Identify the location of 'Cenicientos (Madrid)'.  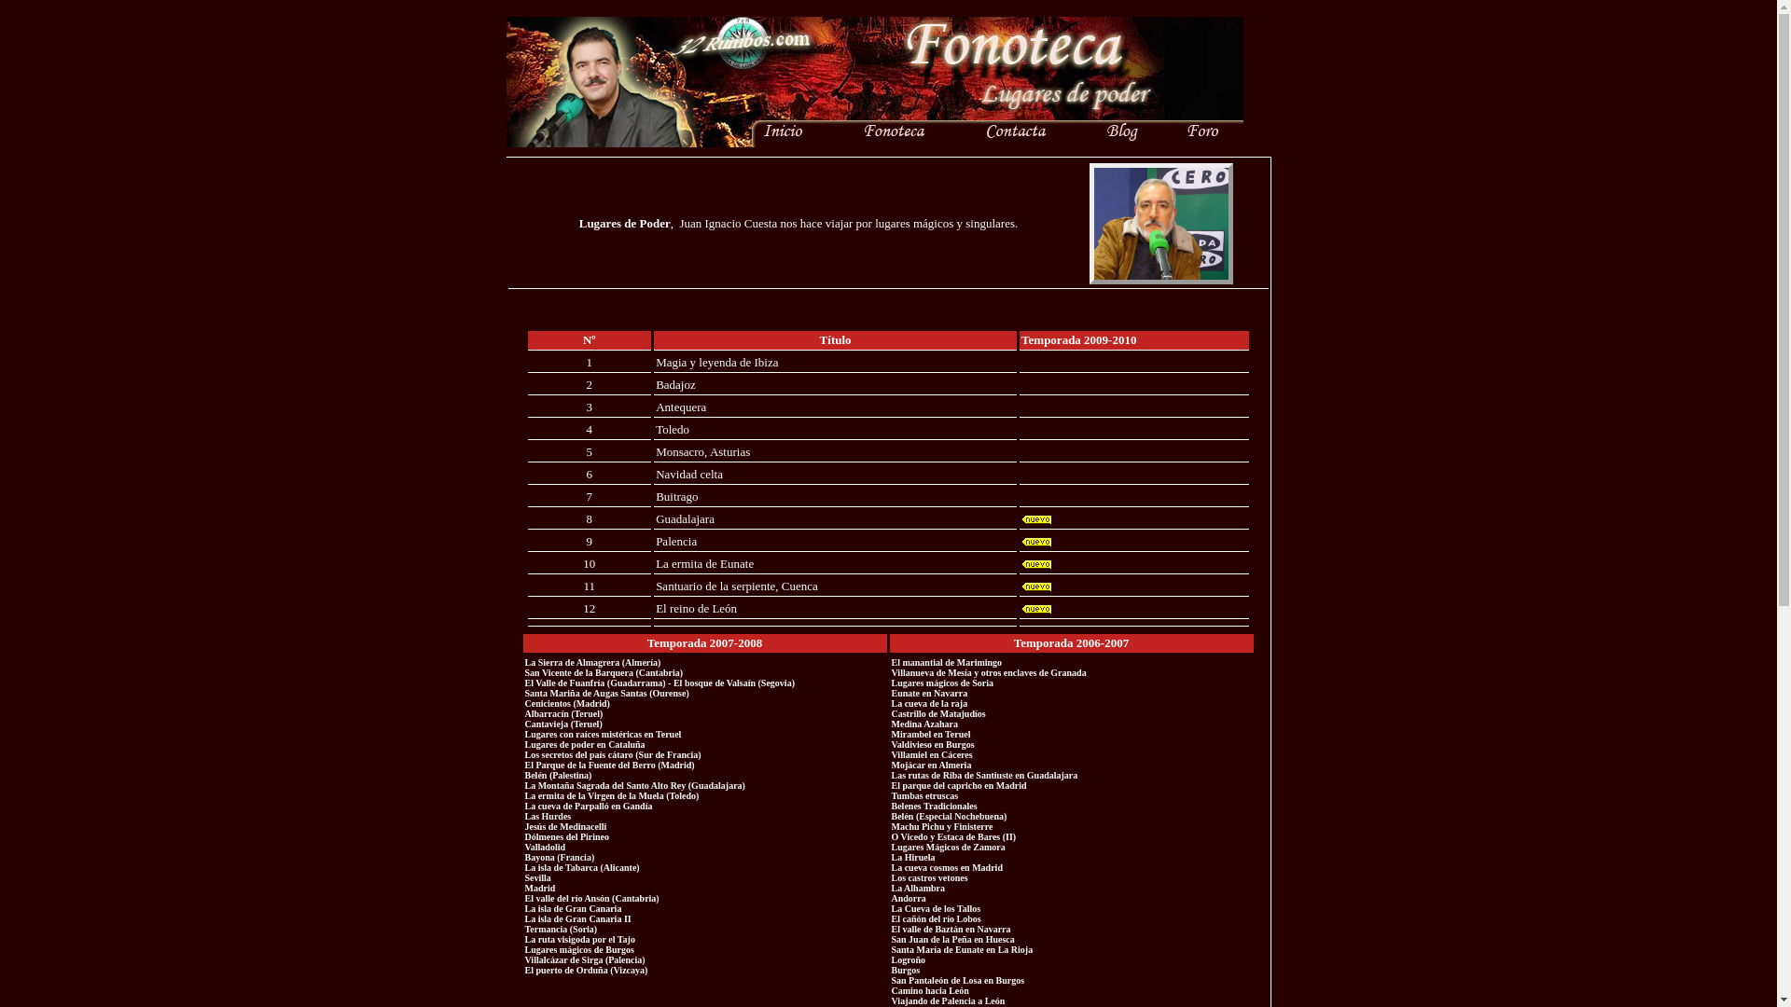
(522, 703).